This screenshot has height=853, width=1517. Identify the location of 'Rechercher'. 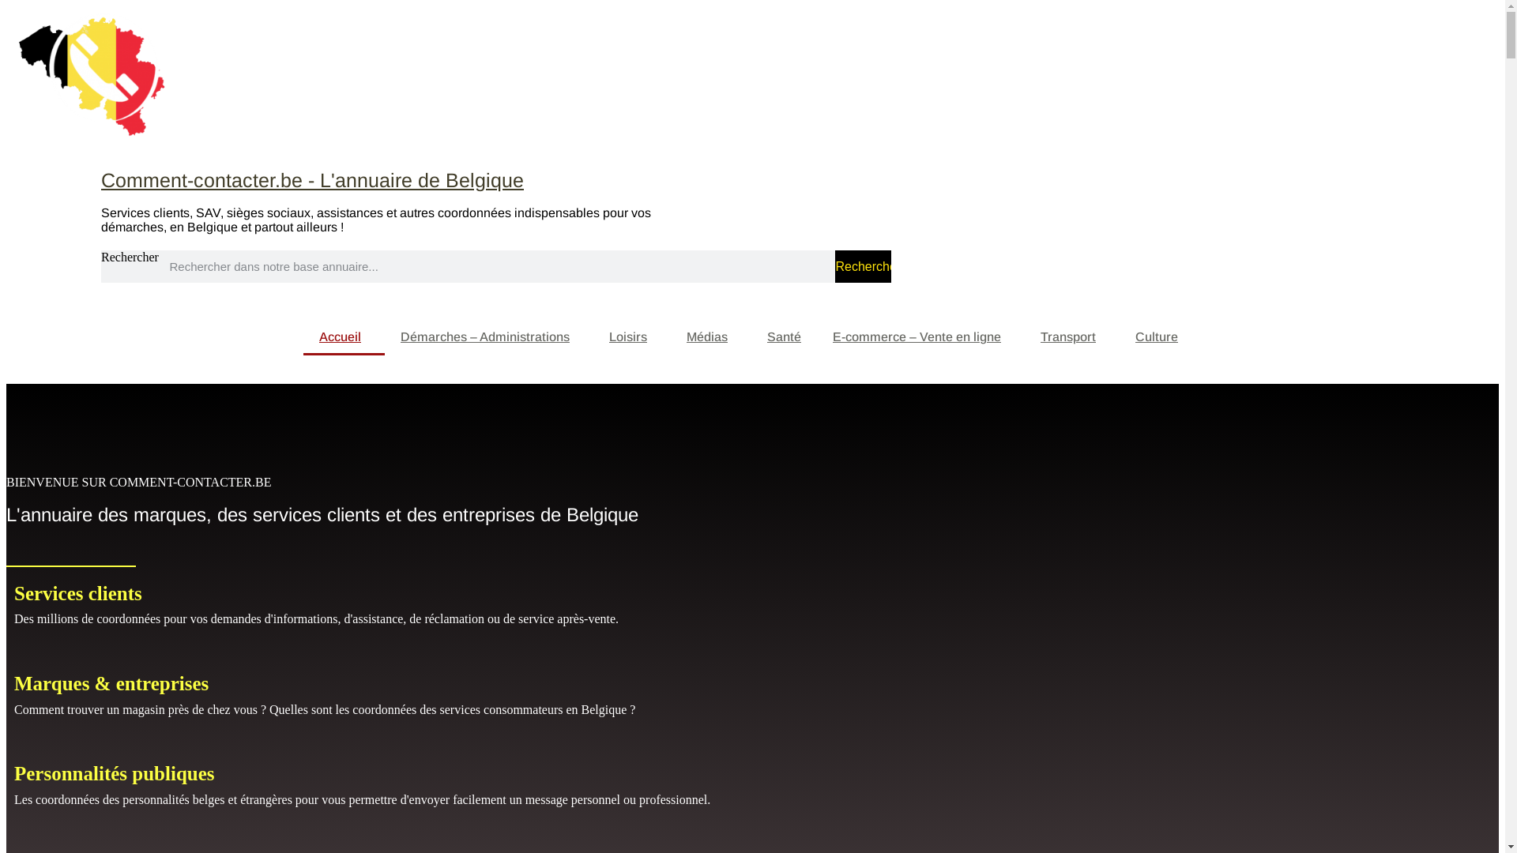
(862, 265).